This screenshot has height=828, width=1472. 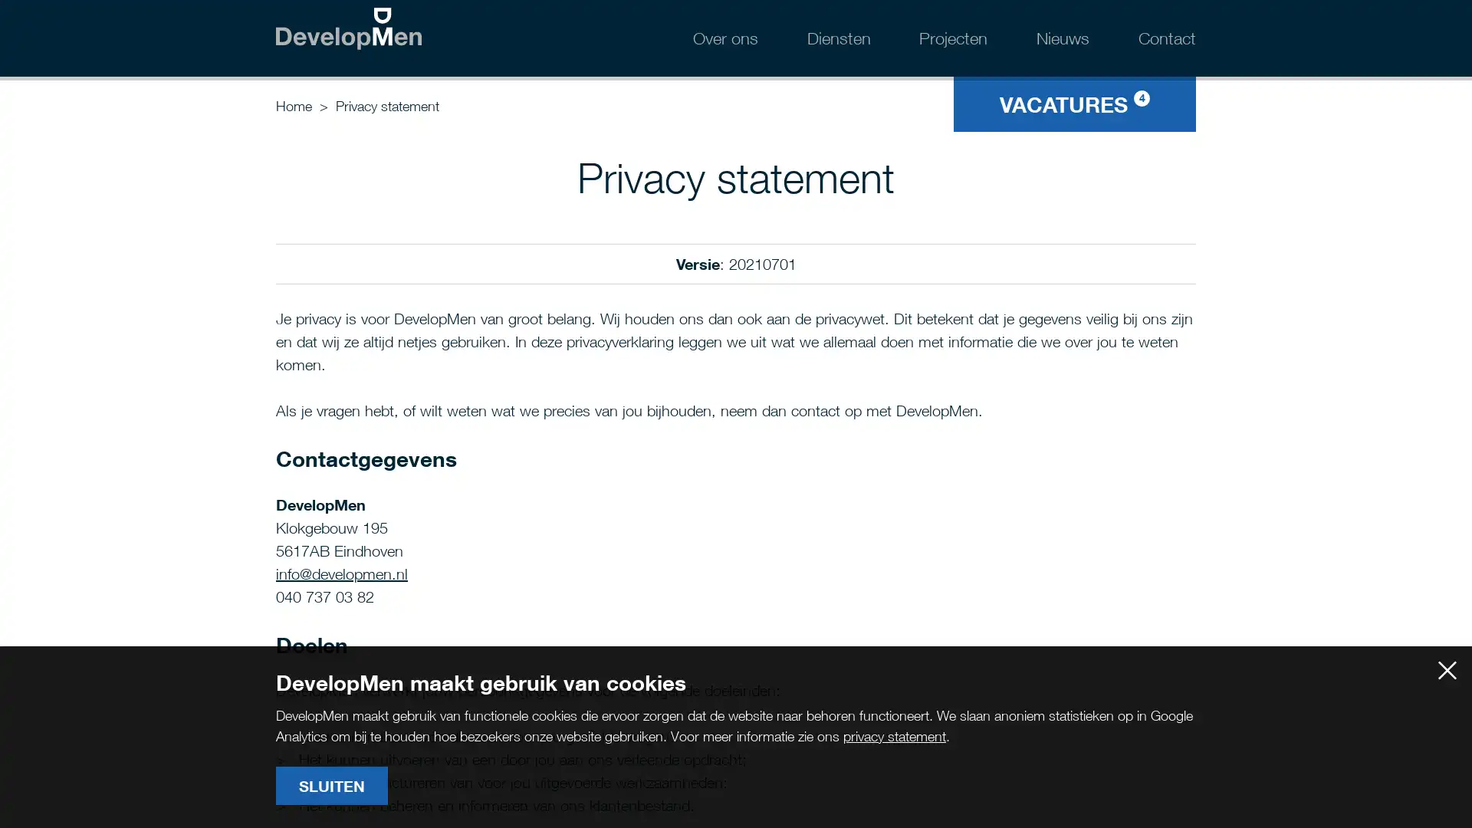 What do you see at coordinates (330, 786) in the screenshot?
I see `SLUITEN` at bounding box center [330, 786].